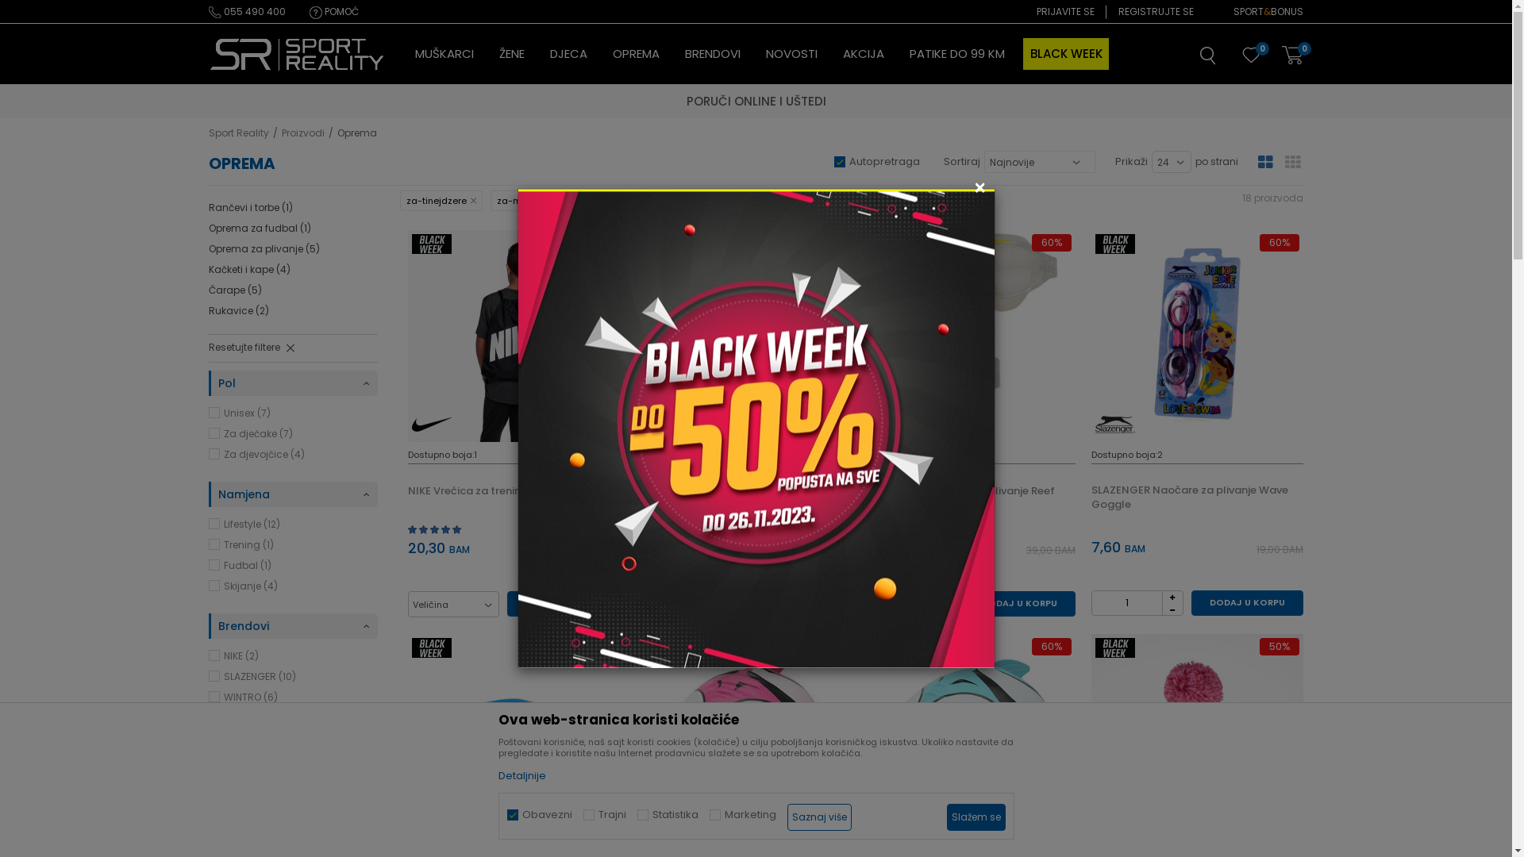 Image resolution: width=1524 pixels, height=857 pixels. I want to click on '055 490 400', so click(207, 12).